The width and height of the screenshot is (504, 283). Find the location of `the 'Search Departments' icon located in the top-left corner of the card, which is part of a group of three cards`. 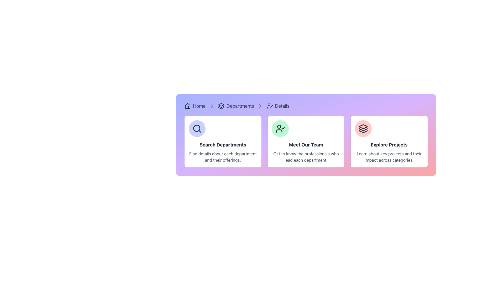

the 'Search Departments' icon located in the top-left corner of the card, which is part of a group of three cards is located at coordinates (197, 128).